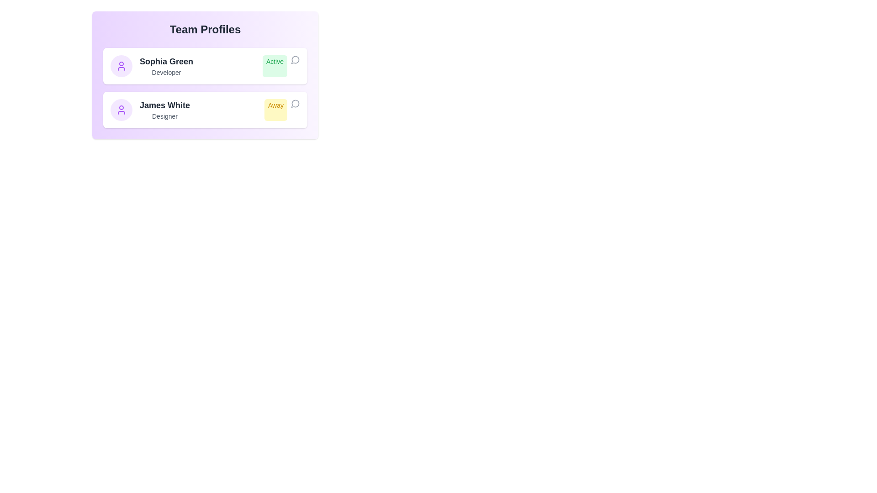 The image size is (877, 493). What do you see at coordinates (295, 103) in the screenshot?
I see `the circular speech bubble icon located to the right of the profile section labeled 'James White', which is the second entry` at bounding box center [295, 103].